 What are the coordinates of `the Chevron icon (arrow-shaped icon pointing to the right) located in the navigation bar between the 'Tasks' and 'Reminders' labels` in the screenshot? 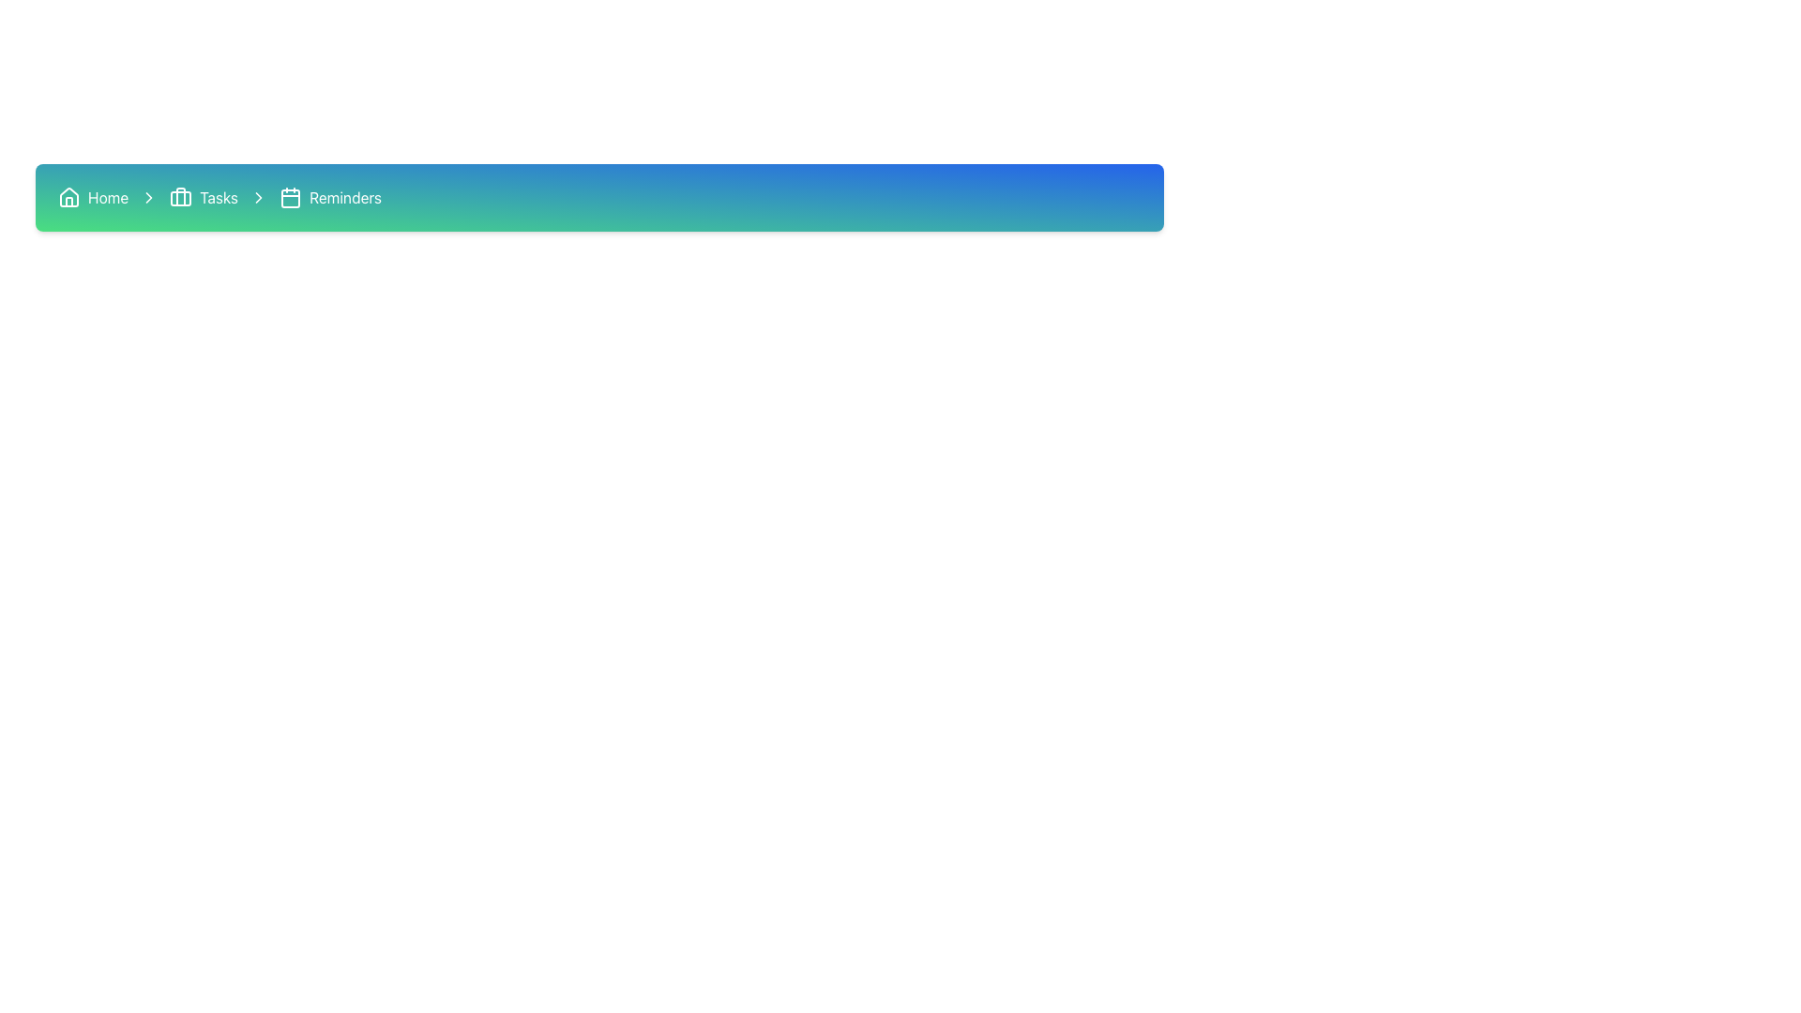 It's located at (148, 198).